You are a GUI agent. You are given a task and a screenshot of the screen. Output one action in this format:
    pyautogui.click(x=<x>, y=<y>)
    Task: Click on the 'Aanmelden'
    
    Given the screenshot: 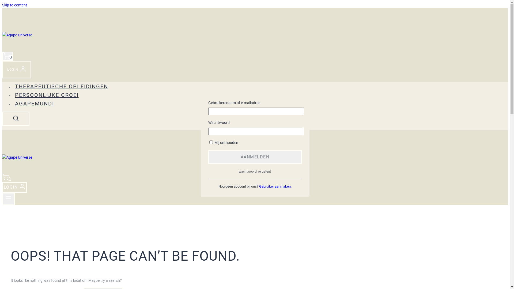 What is the action you would take?
    pyautogui.click(x=255, y=157)
    